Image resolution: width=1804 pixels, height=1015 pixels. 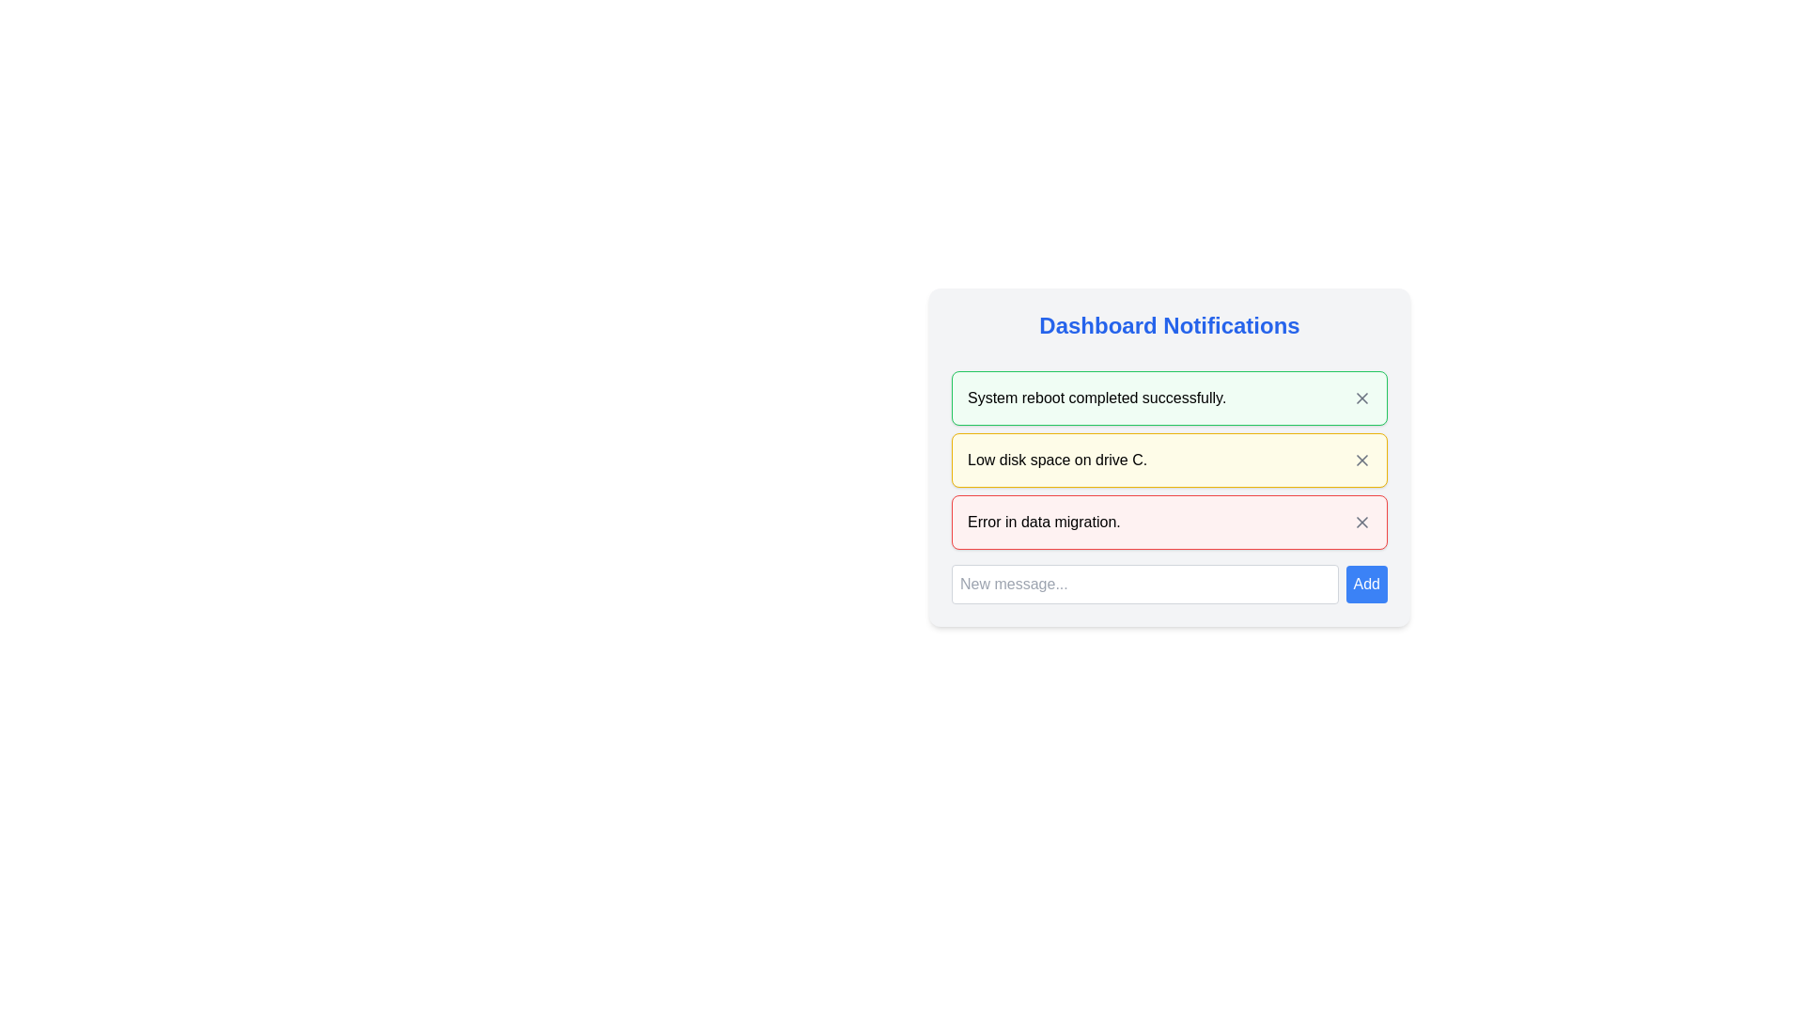 What do you see at coordinates (1361, 398) in the screenshot?
I see `the close button located at the top-right corner of the green-bordered notification box` at bounding box center [1361, 398].